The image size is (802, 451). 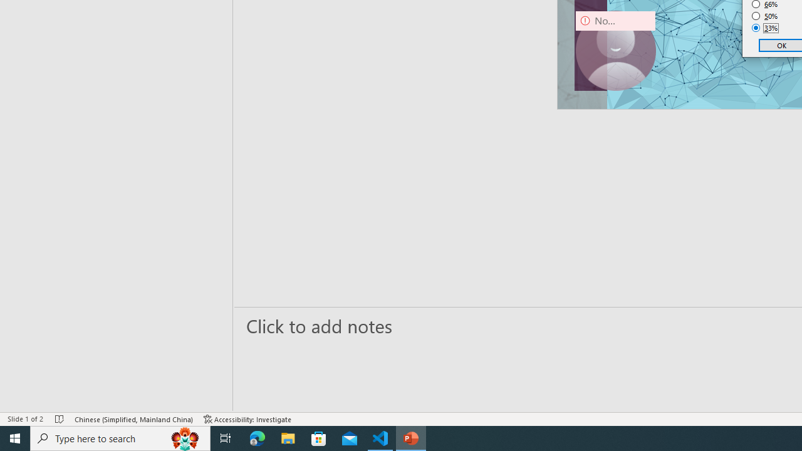 What do you see at coordinates (615, 50) in the screenshot?
I see `'Camera 9, No camera detected.'` at bounding box center [615, 50].